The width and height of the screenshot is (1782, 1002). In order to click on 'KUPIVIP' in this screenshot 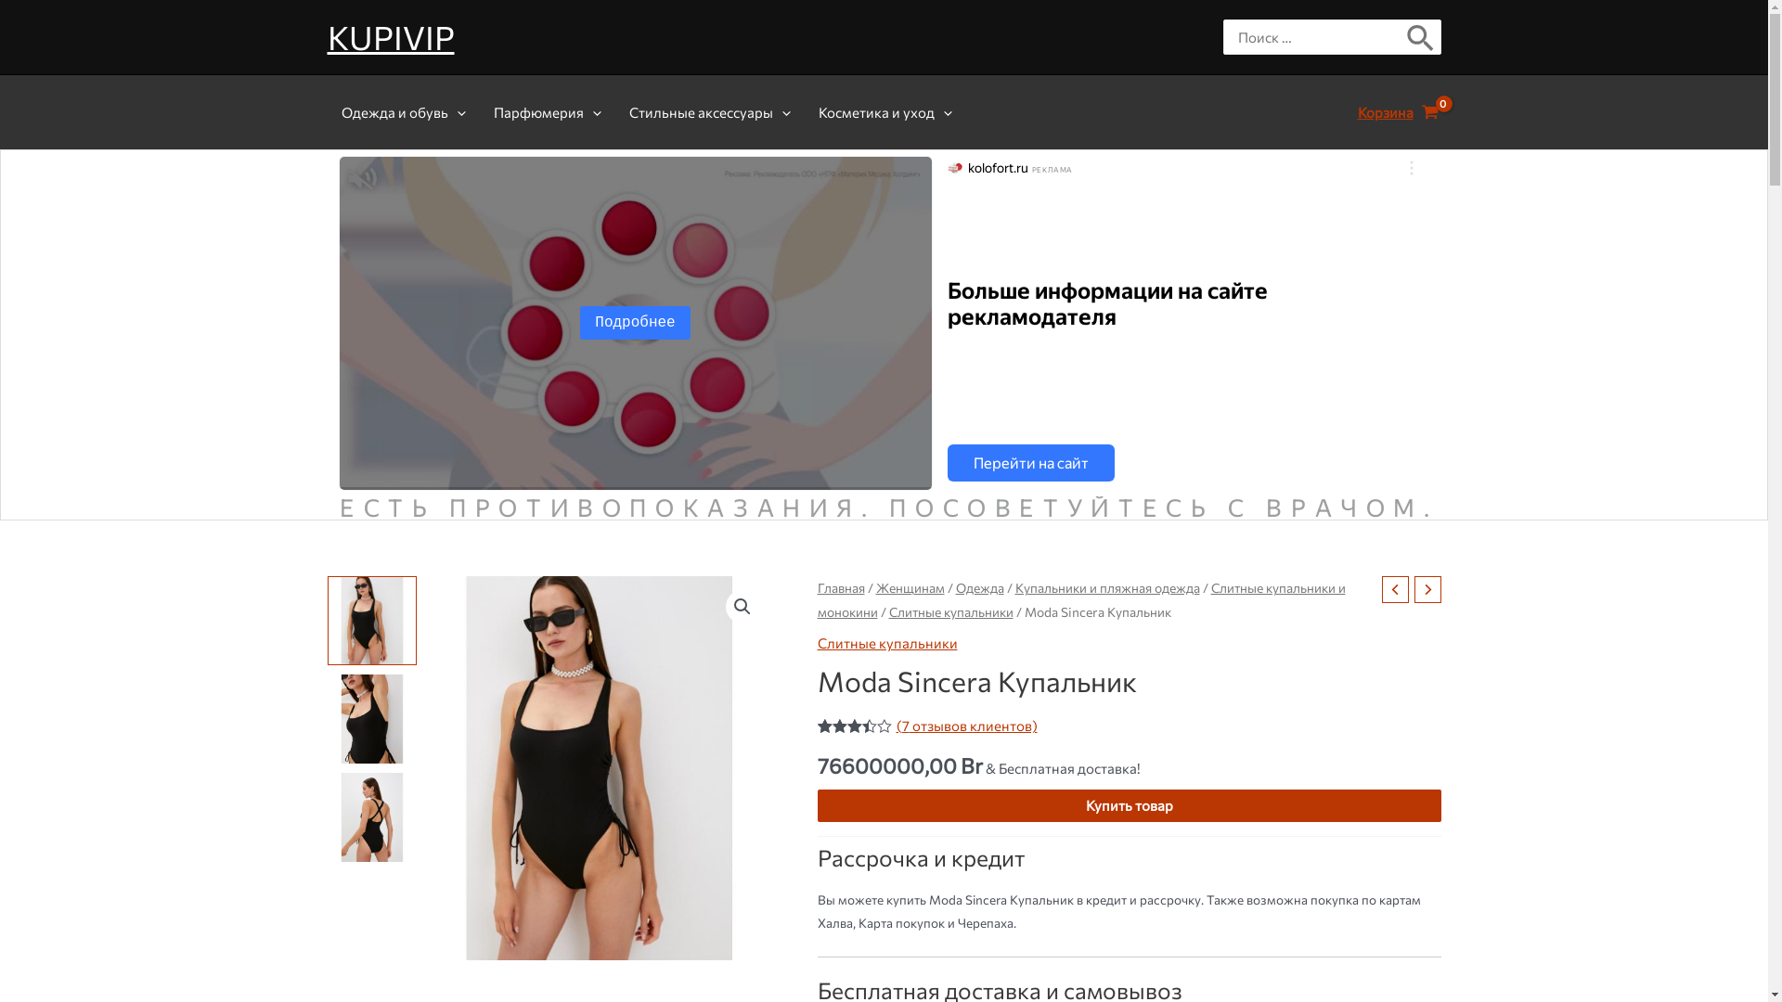, I will do `click(389, 36)`.